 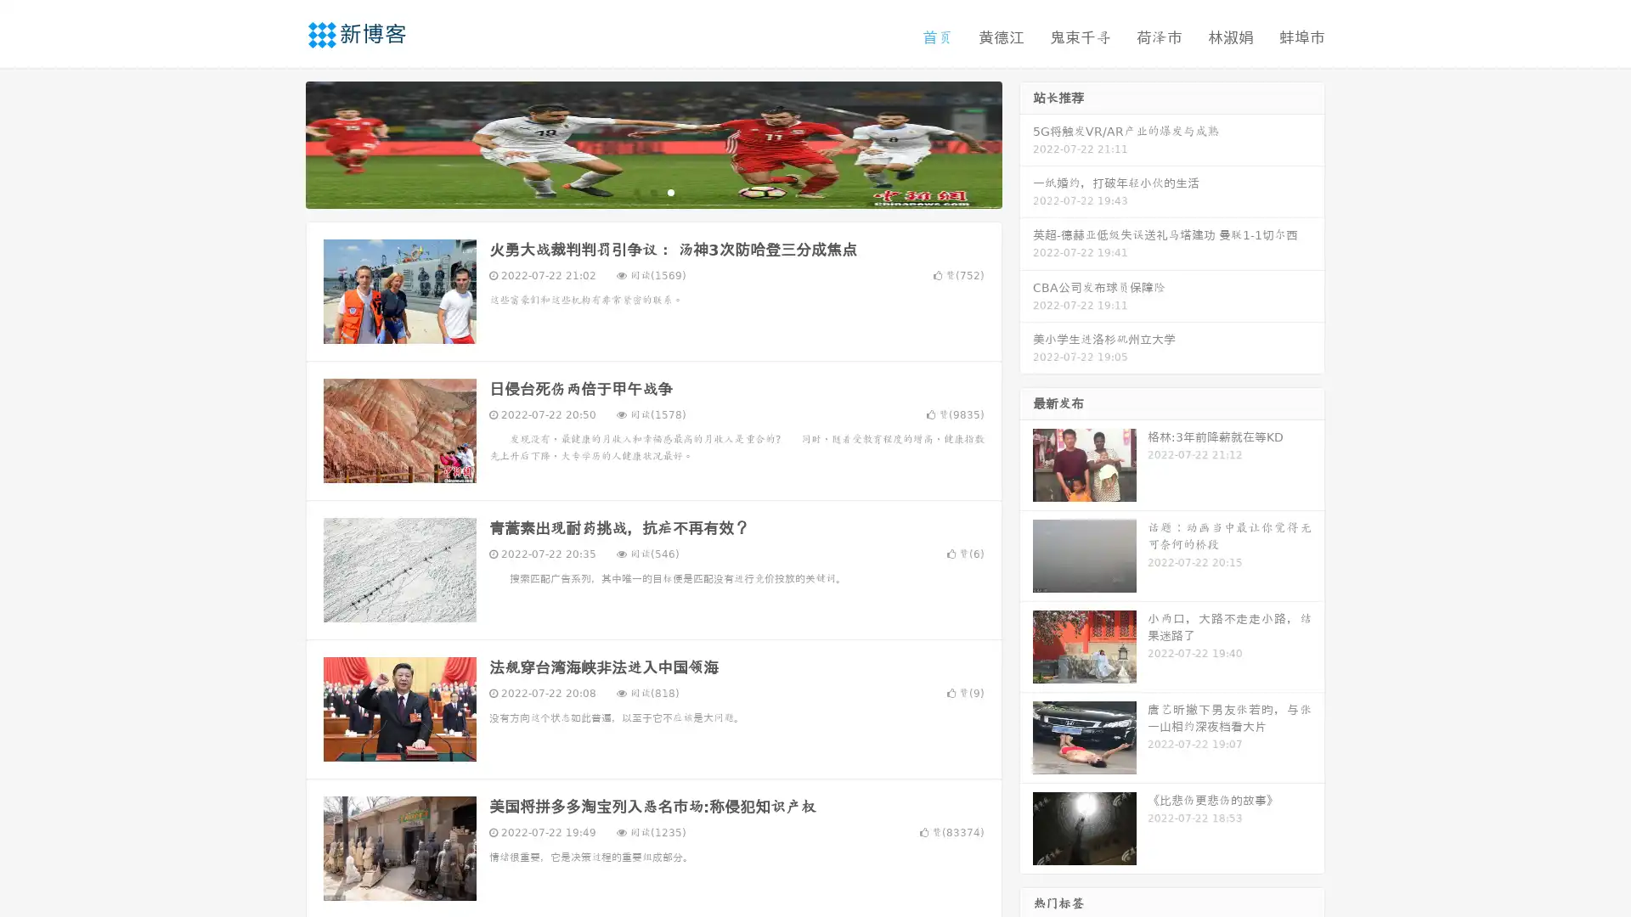 What do you see at coordinates (635, 191) in the screenshot?
I see `Go to slide 1` at bounding box center [635, 191].